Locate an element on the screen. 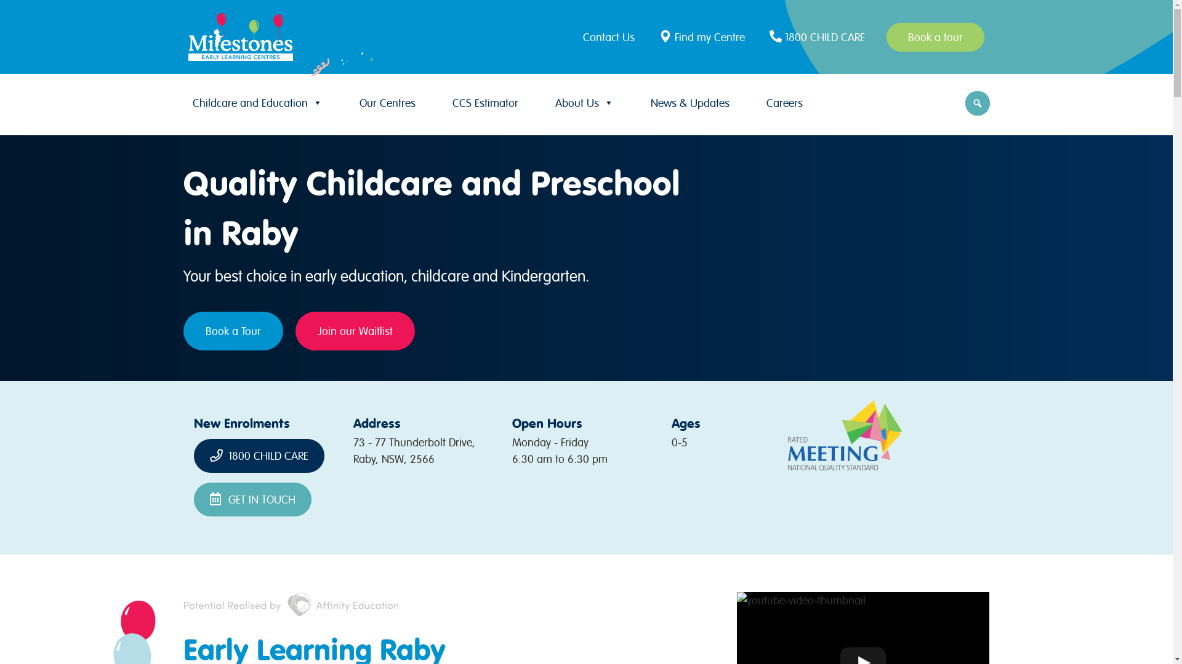 The width and height of the screenshot is (1182, 664). 'Find my Centre' is located at coordinates (655, 36).